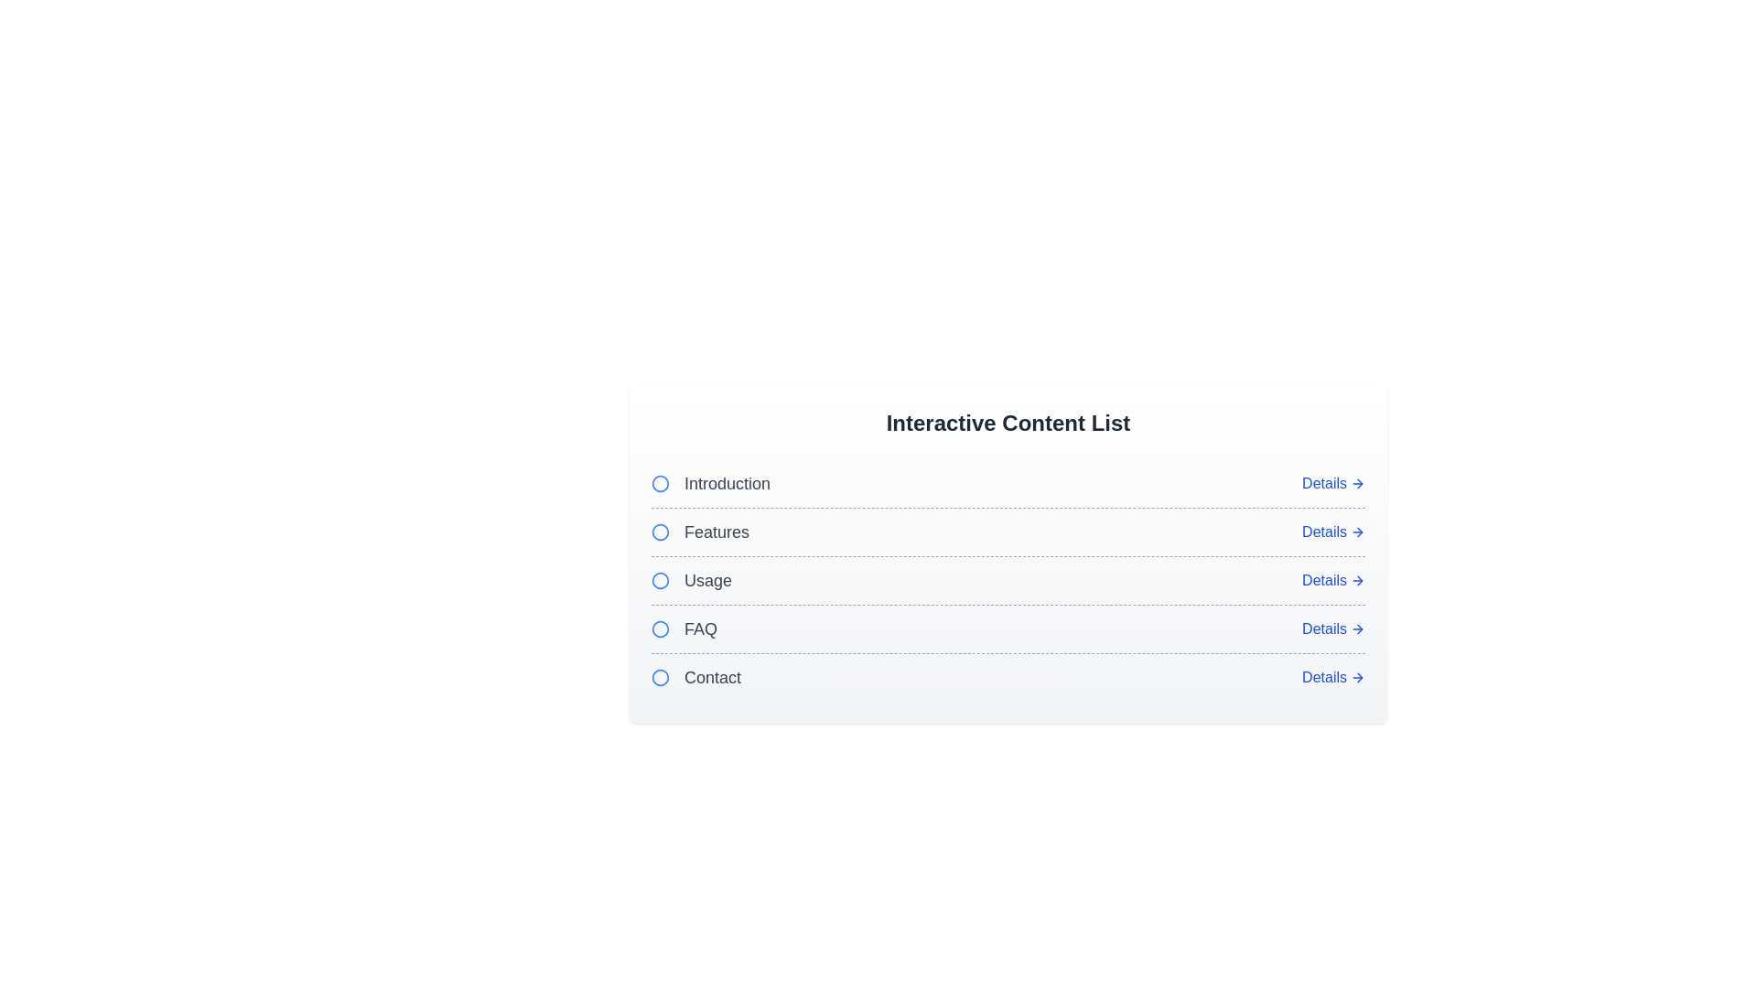 This screenshot has height=988, width=1757. Describe the element at coordinates (691, 581) in the screenshot. I see `the 'Usage' label with icon that identifies a section in the interactive list, located in the third row between 'Features' and 'FAQ'` at that location.